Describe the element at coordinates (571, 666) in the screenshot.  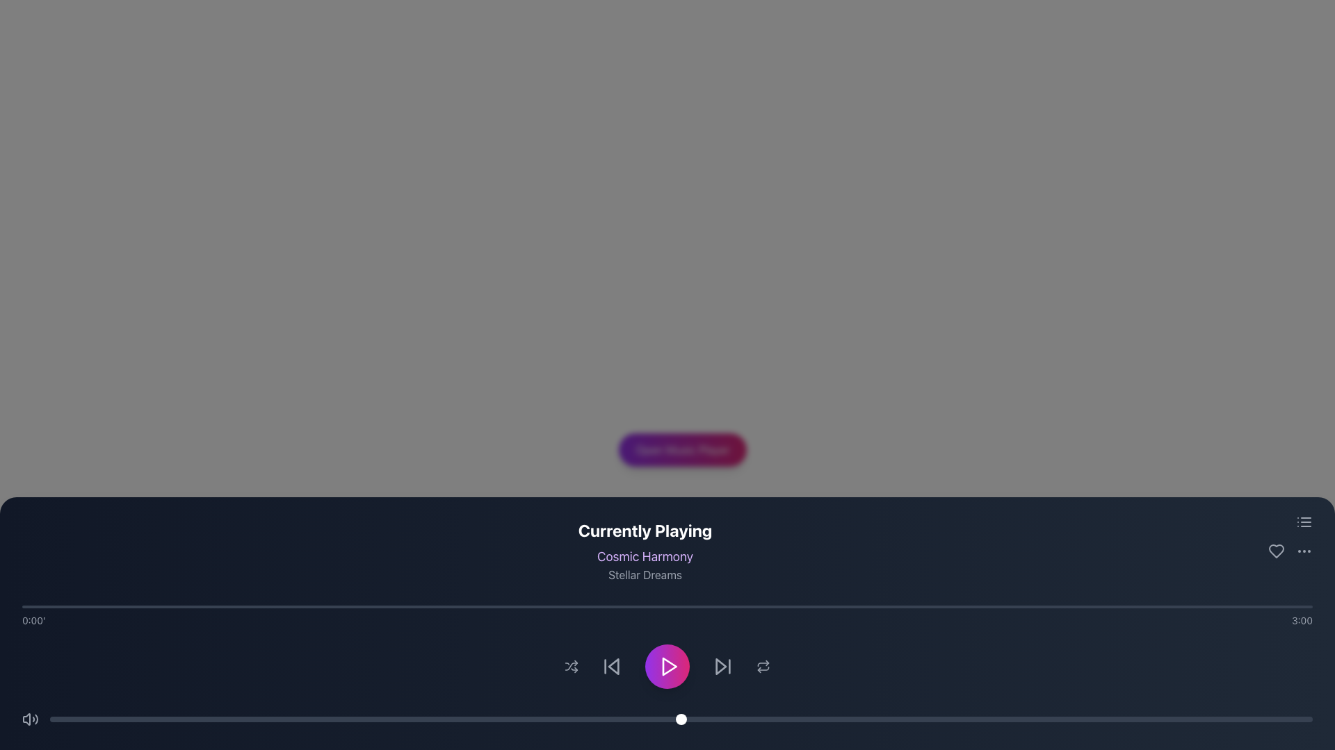
I see `the shuffle button, which is visually characterized by an icon of two intertwined arrows` at that location.